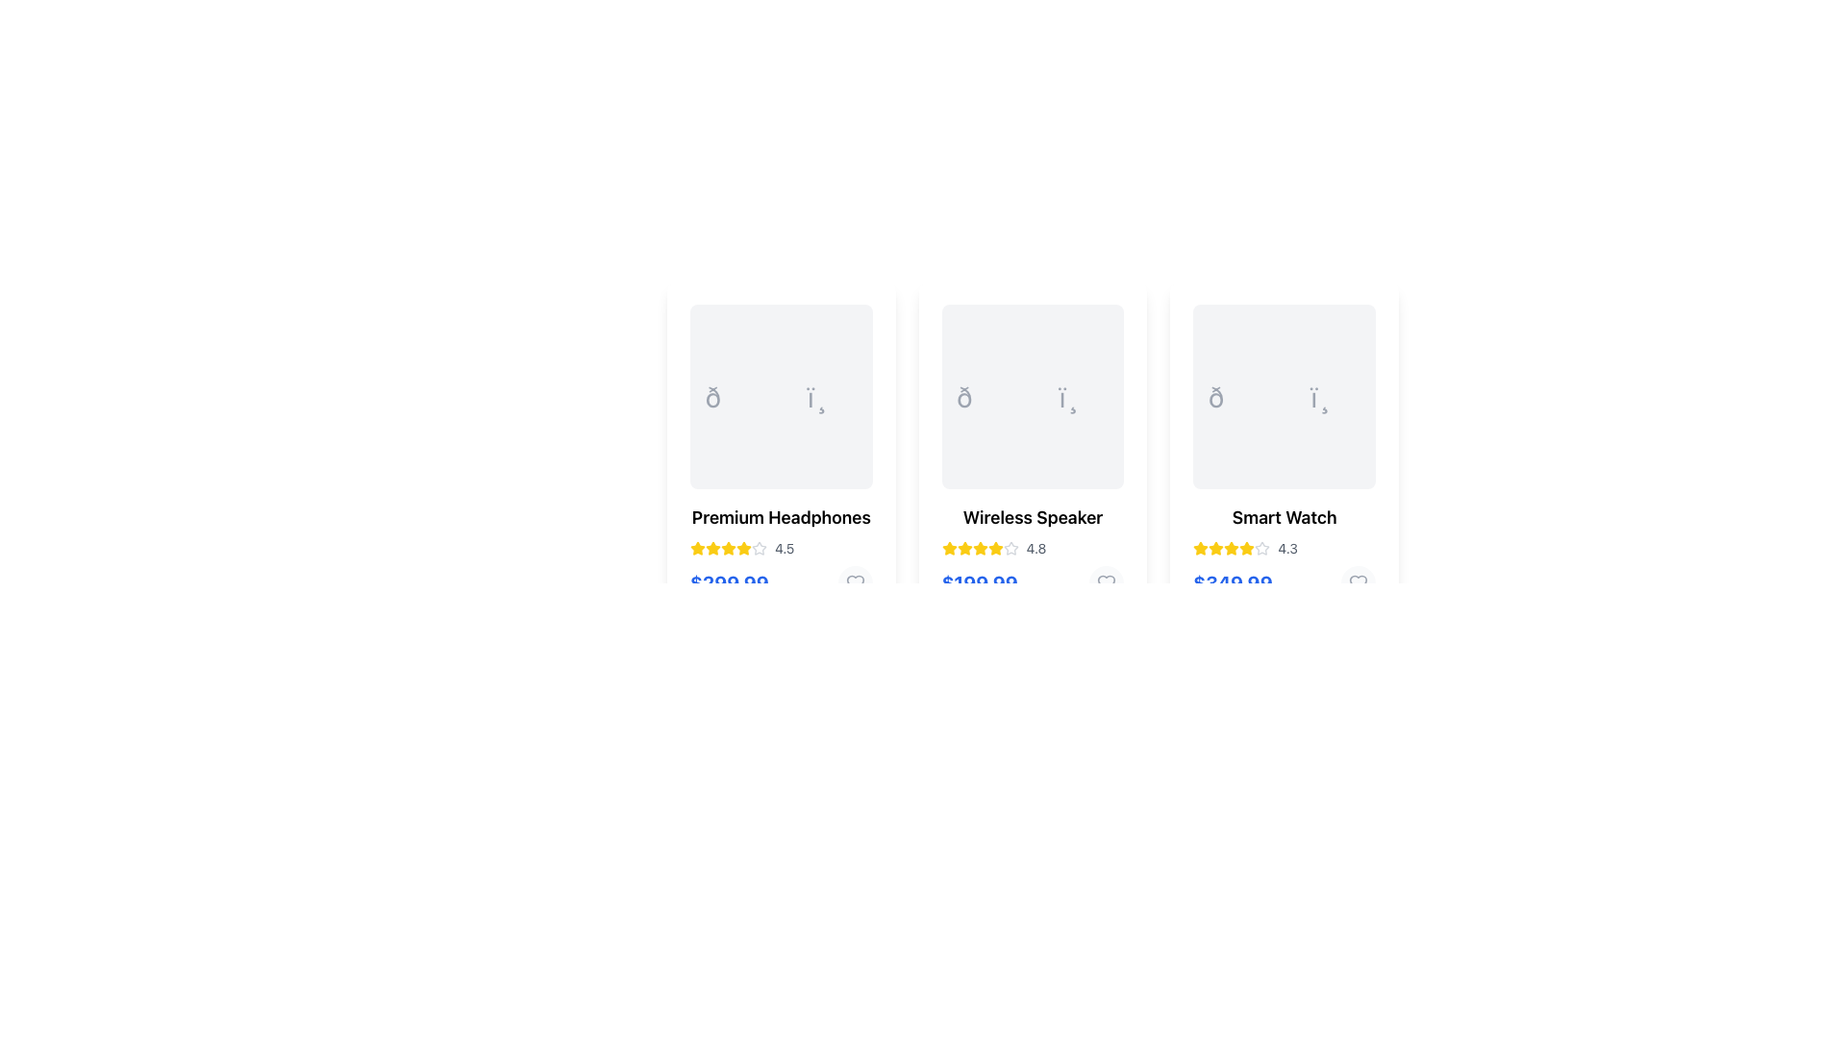 The width and height of the screenshot is (1846, 1038). Describe the element at coordinates (728, 548) in the screenshot. I see `the fifth star-shaped rating icon, which is bright yellow and located in the ratings section of the 'Premium Headphones' card, just before the numeric rating value '4.5'` at that location.